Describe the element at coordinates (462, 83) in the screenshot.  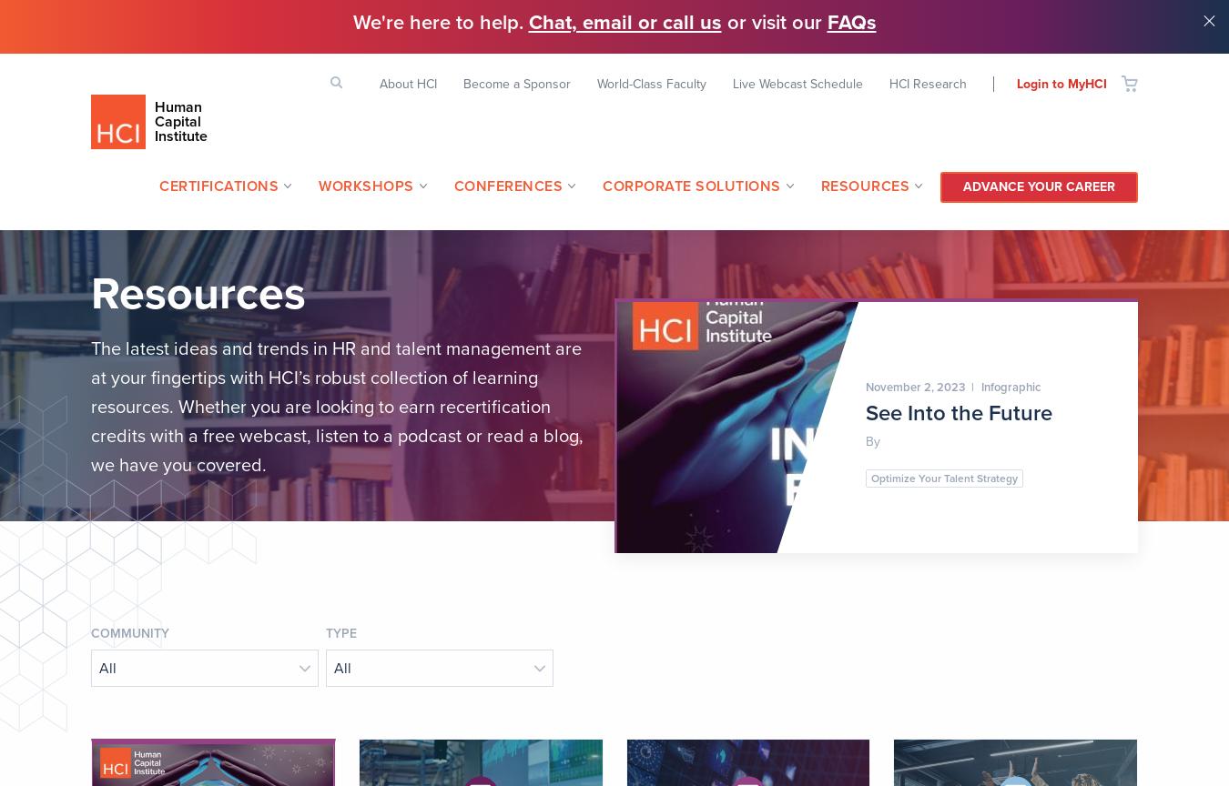
I see `'Become a Sponsor'` at that location.